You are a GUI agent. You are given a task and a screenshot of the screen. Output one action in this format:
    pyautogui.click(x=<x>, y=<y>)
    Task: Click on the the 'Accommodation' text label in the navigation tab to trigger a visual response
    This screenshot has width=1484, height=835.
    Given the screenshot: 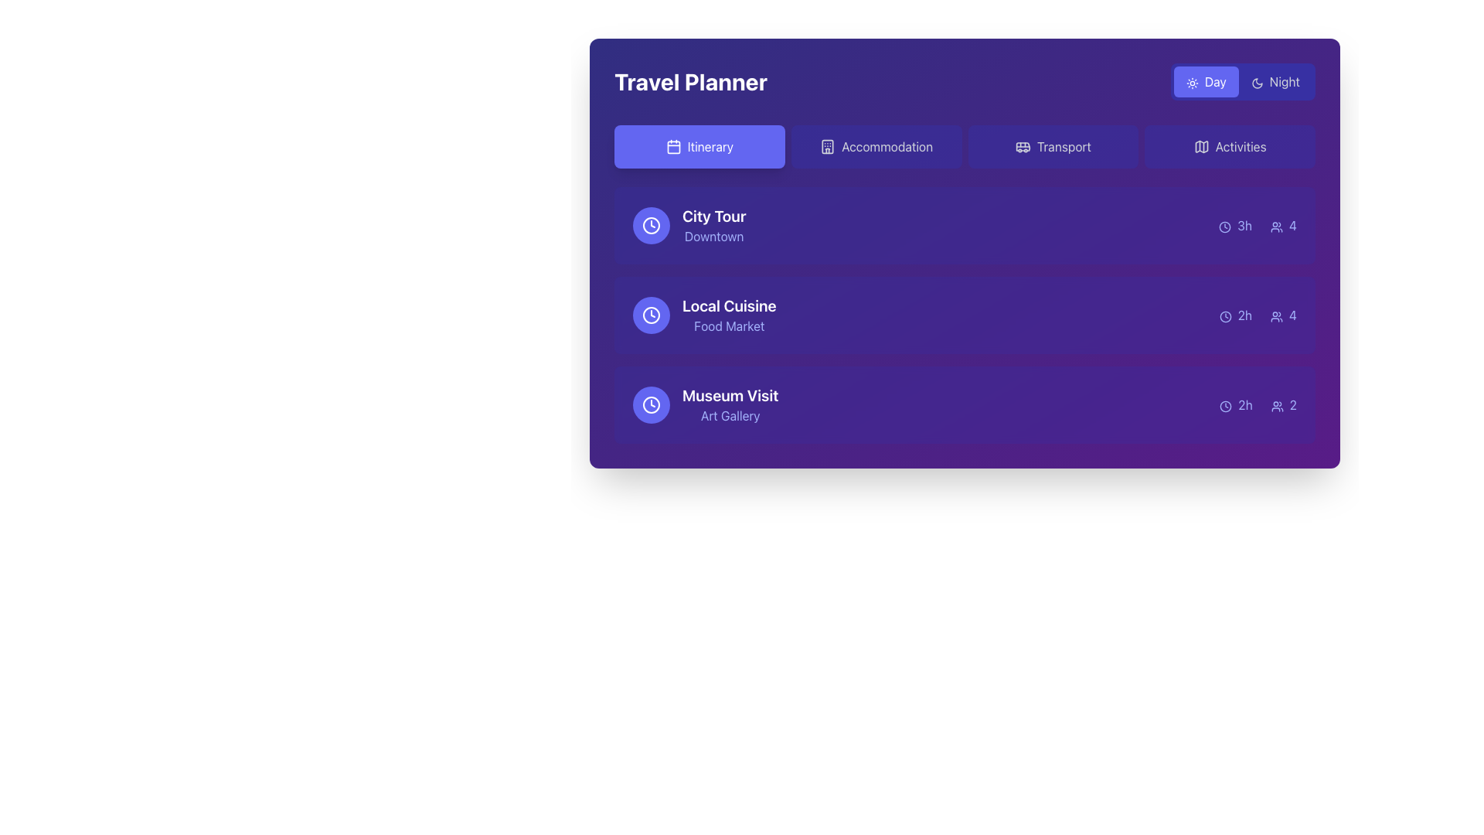 What is the action you would take?
    pyautogui.click(x=887, y=146)
    